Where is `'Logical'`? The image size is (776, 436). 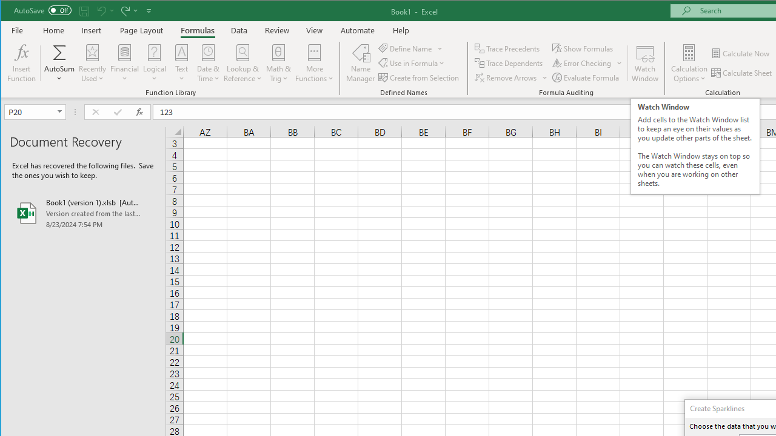
'Logical' is located at coordinates (154, 63).